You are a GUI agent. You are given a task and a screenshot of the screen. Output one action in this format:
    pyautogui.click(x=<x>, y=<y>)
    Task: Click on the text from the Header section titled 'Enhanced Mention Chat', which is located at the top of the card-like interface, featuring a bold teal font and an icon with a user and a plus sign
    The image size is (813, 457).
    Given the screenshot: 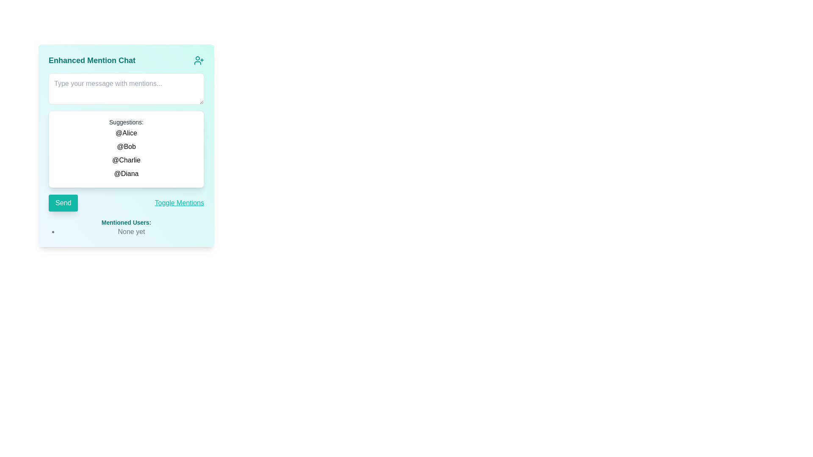 What is the action you would take?
    pyautogui.click(x=126, y=60)
    